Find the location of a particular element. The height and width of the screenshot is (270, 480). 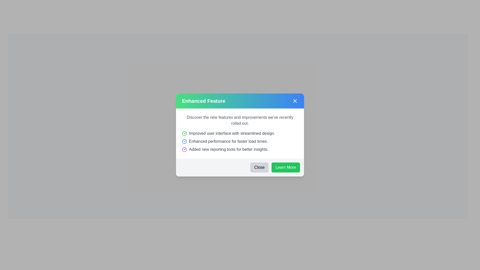

text label that conveys the phrase 'Enhanced performance for faster load times.' styled in gray color, which is the second element in a horizontally-aligned group within a modal dialog is located at coordinates (228, 141).